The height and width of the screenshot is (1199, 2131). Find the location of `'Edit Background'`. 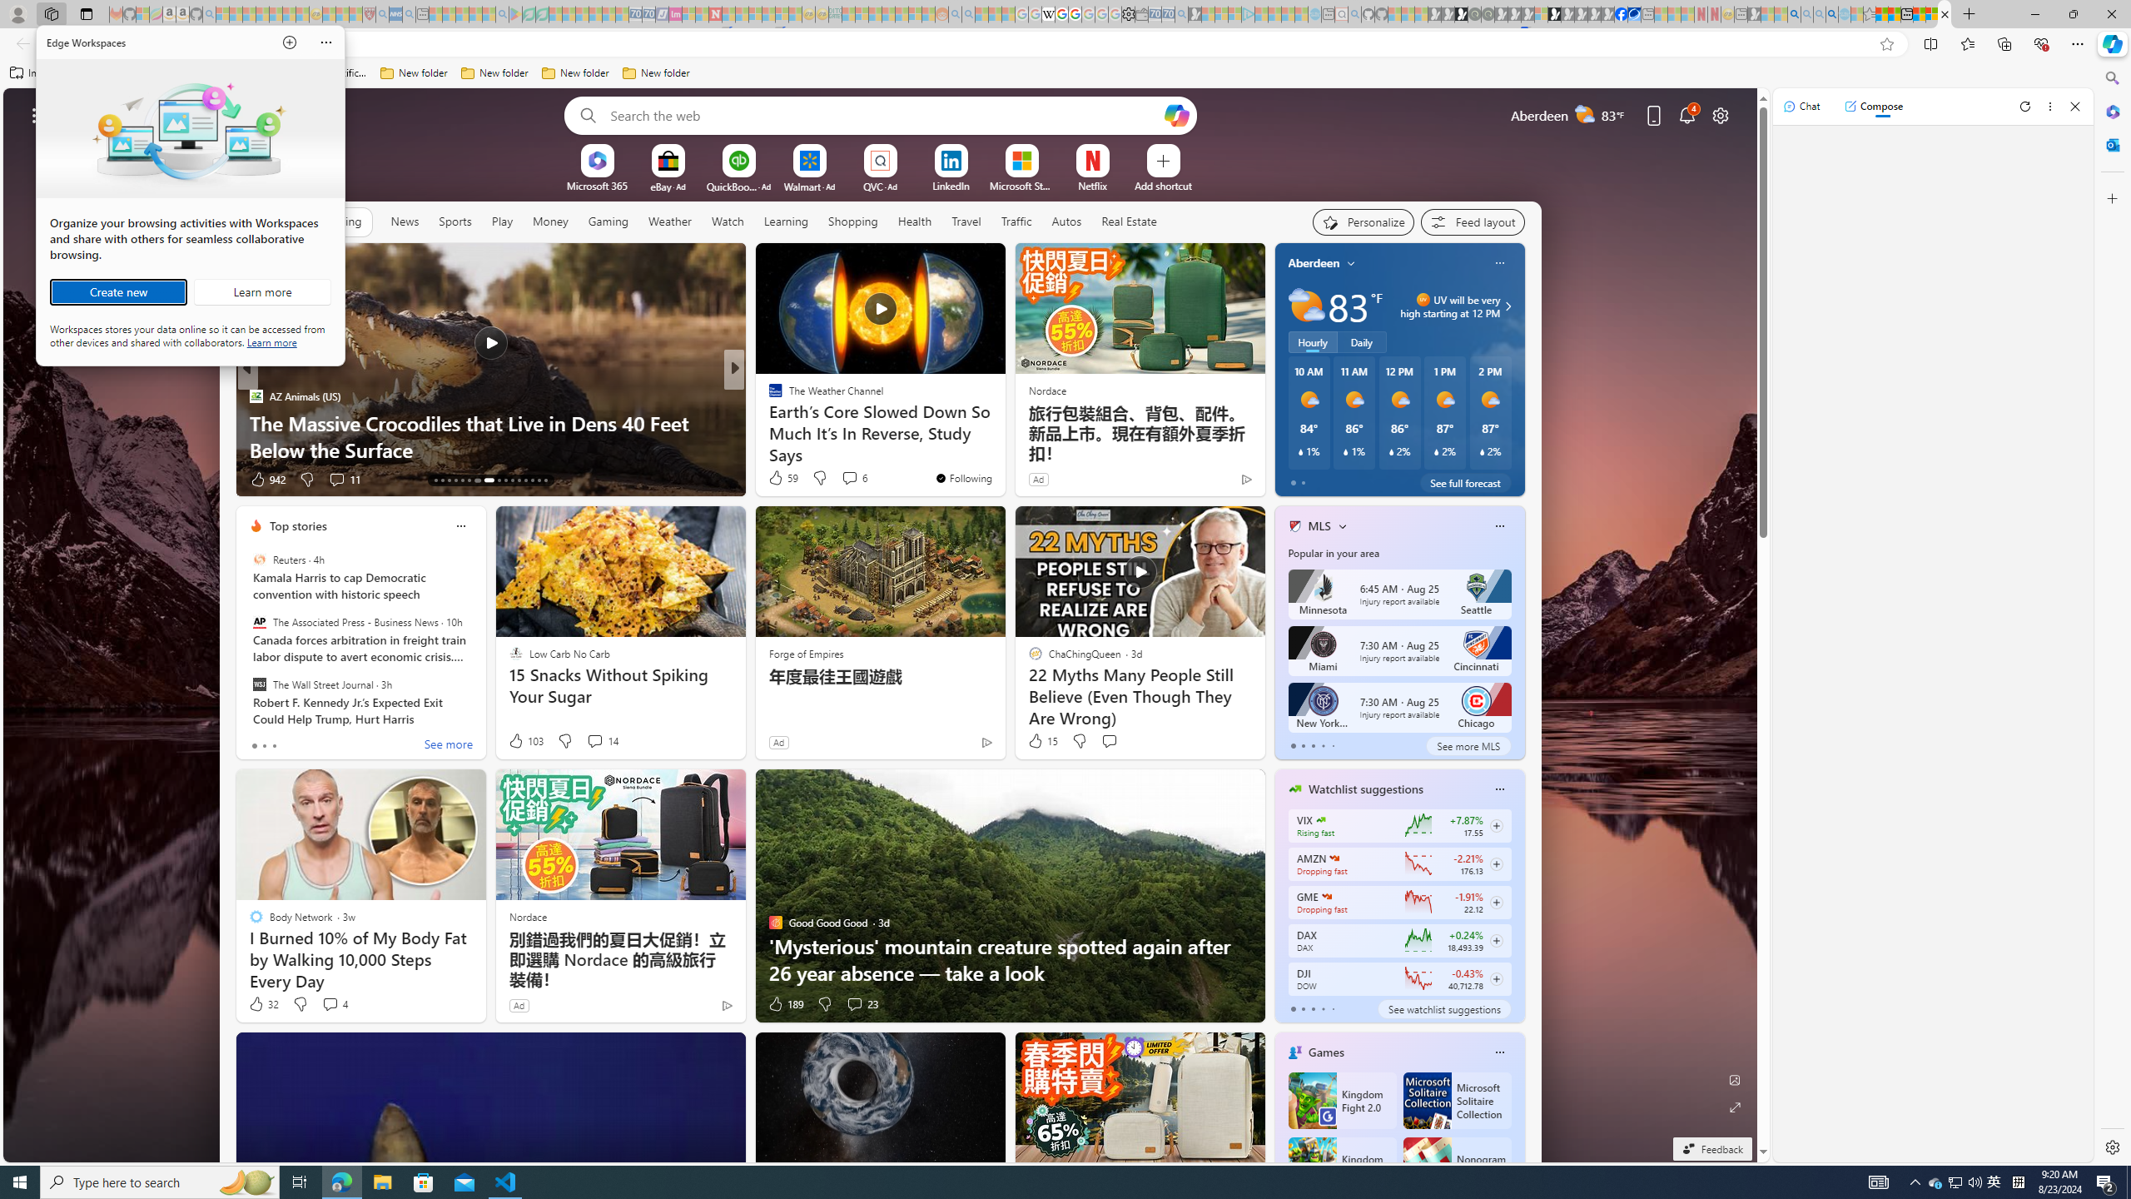

'Edit Background' is located at coordinates (1735, 1078).